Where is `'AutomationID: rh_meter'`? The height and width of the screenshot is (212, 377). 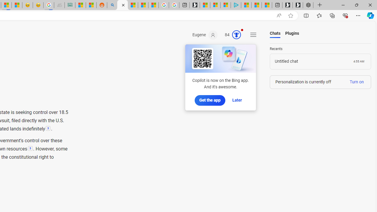 'AutomationID: rh_meter' is located at coordinates (237, 35).